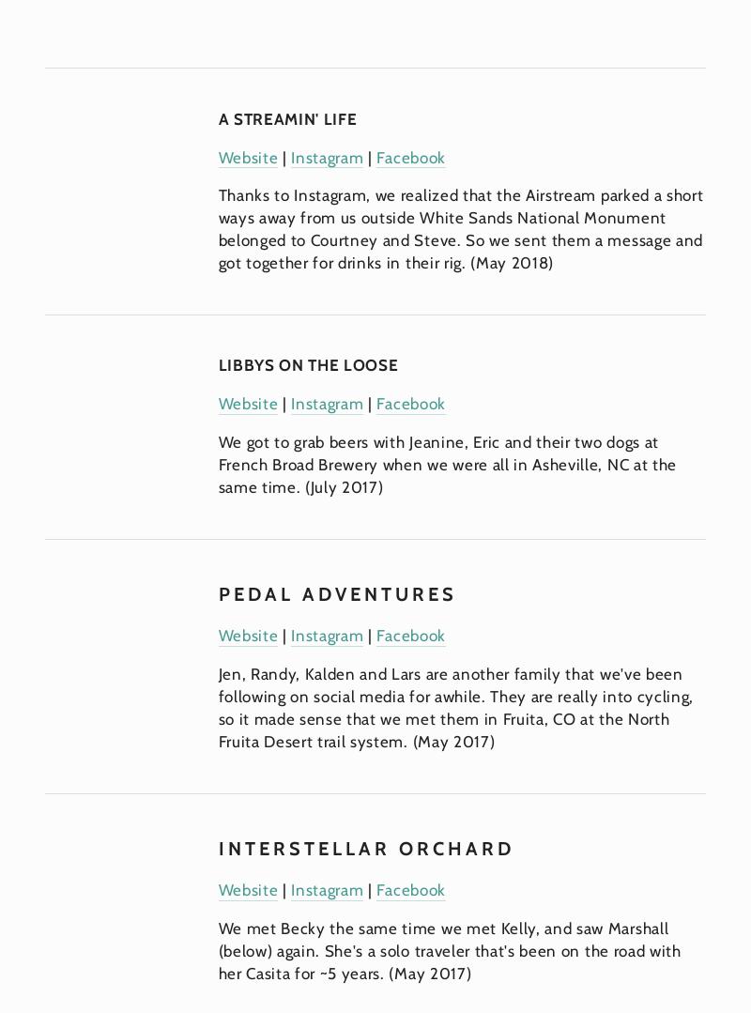  Describe the element at coordinates (451, 950) in the screenshot. I see `'We met Becky the same time we met Kelly, and saw Marshall (below) again. She's a solo traveler that's been on the road with her Casita for ~5 years. (May 2017)'` at that location.